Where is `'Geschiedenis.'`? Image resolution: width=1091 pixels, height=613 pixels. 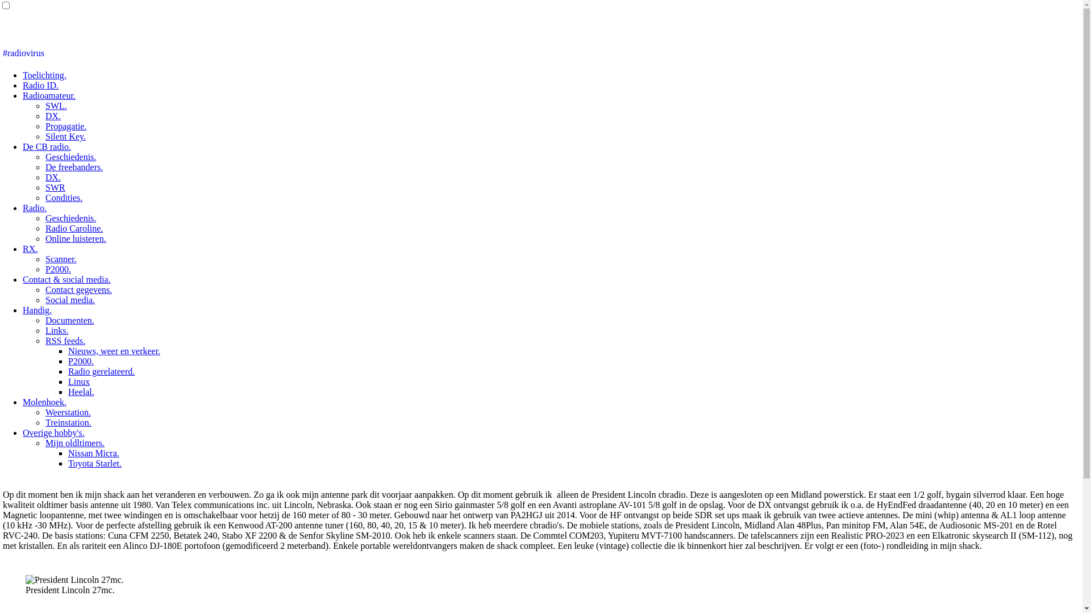
'Geschiedenis.' is located at coordinates (70, 218).